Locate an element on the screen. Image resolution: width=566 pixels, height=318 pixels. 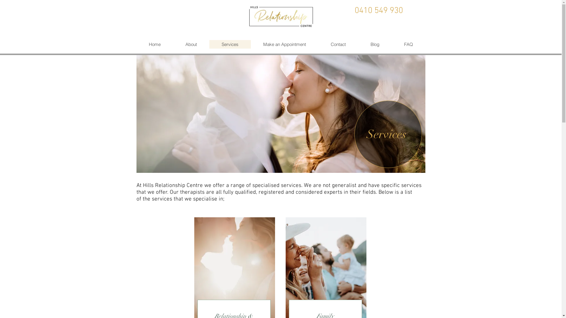
'Home' is located at coordinates (154, 44).